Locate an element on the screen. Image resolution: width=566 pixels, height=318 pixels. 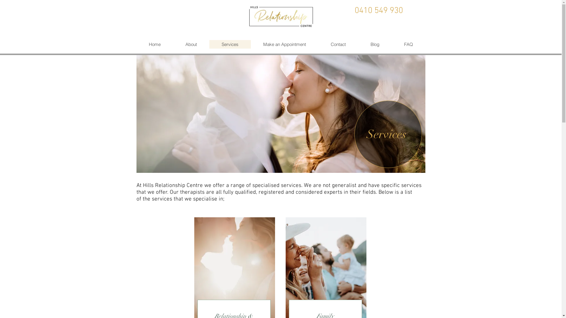
'Home' is located at coordinates (154, 44).